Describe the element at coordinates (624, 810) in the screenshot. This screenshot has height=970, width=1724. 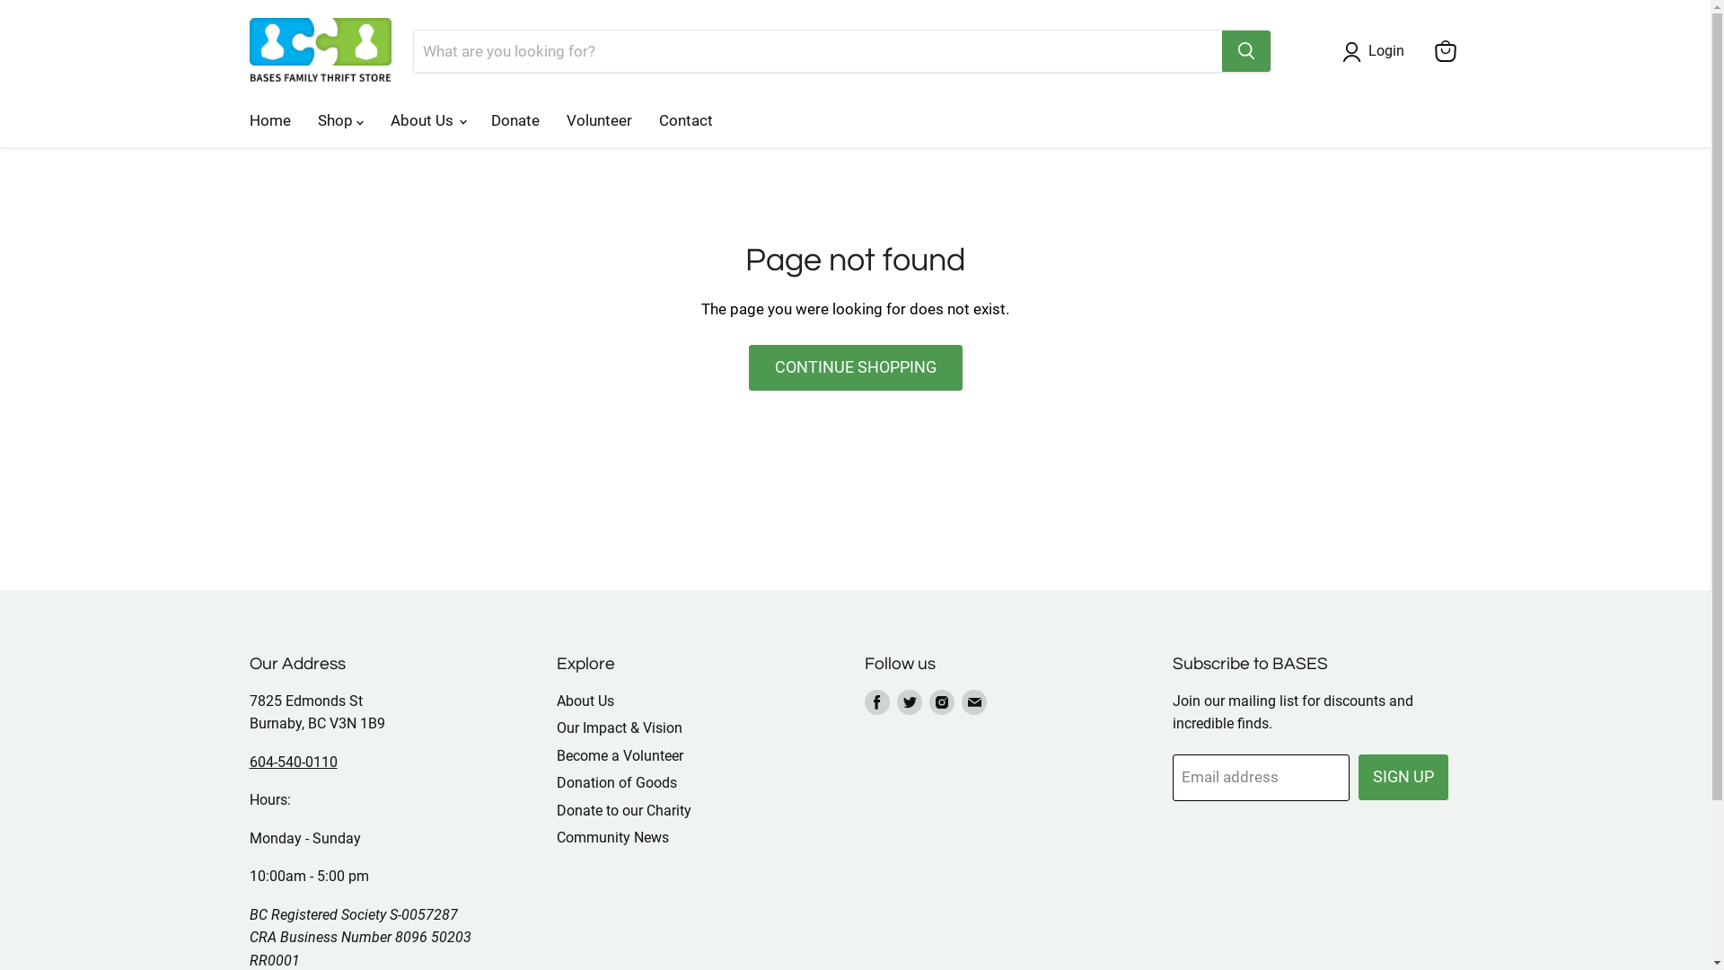
I see `'Donate to our Charity'` at that location.